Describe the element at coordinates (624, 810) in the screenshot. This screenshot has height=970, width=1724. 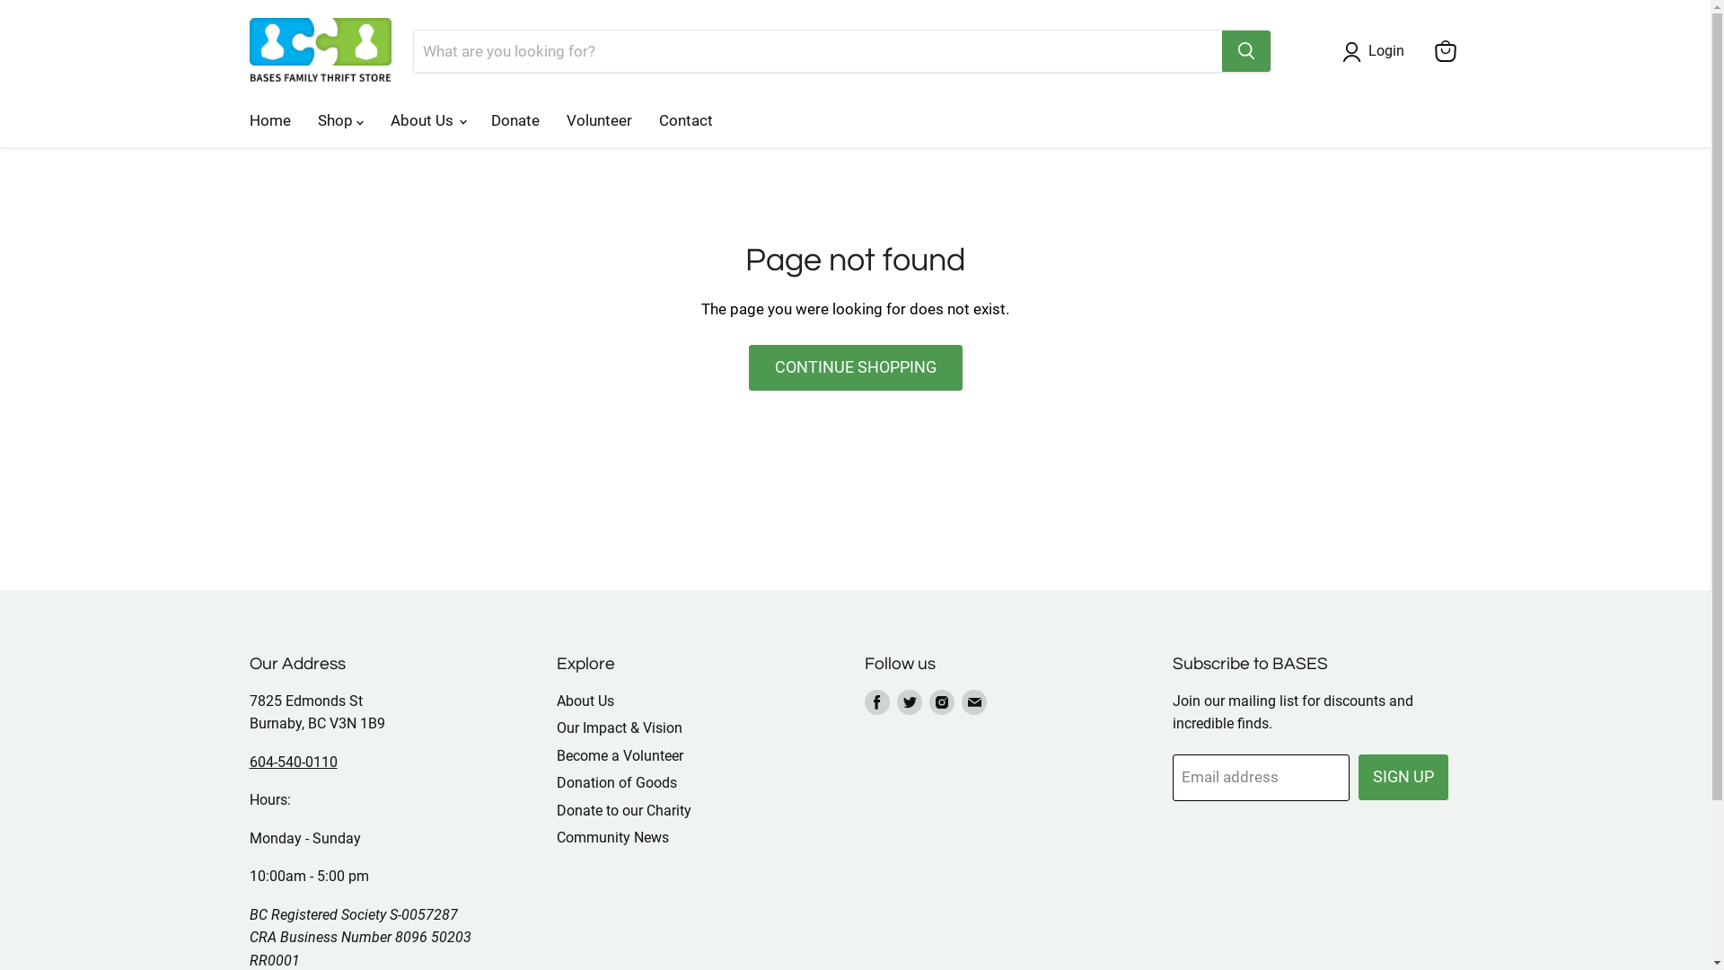
I see `'Donate to our Charity'` at that location.